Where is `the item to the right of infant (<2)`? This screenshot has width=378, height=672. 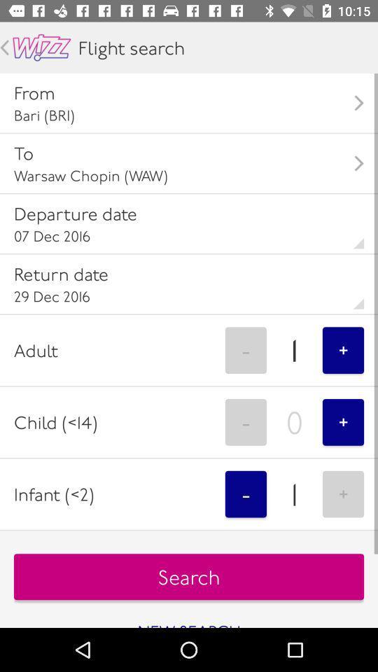 the item to the right of infant (<2) is located at coordinates (245, 494).